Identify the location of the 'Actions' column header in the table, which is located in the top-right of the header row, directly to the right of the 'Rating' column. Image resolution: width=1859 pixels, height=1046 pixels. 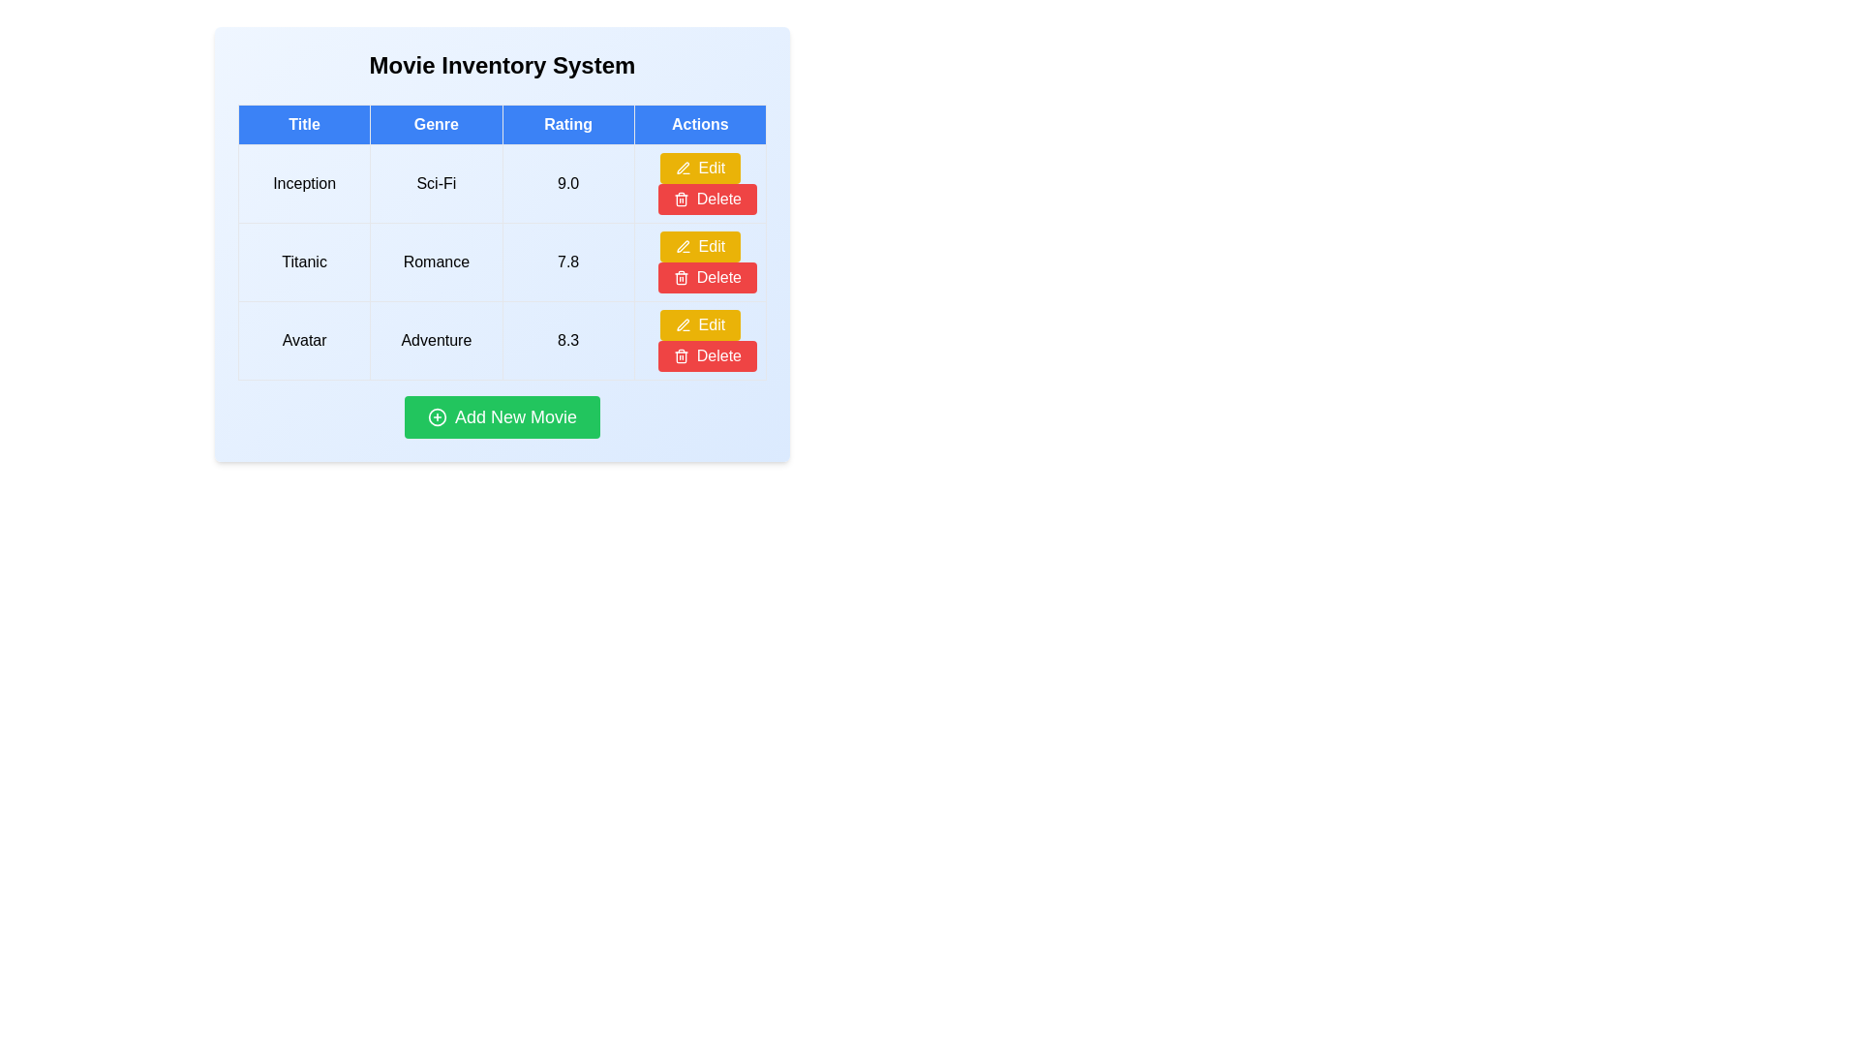
(699, 124).